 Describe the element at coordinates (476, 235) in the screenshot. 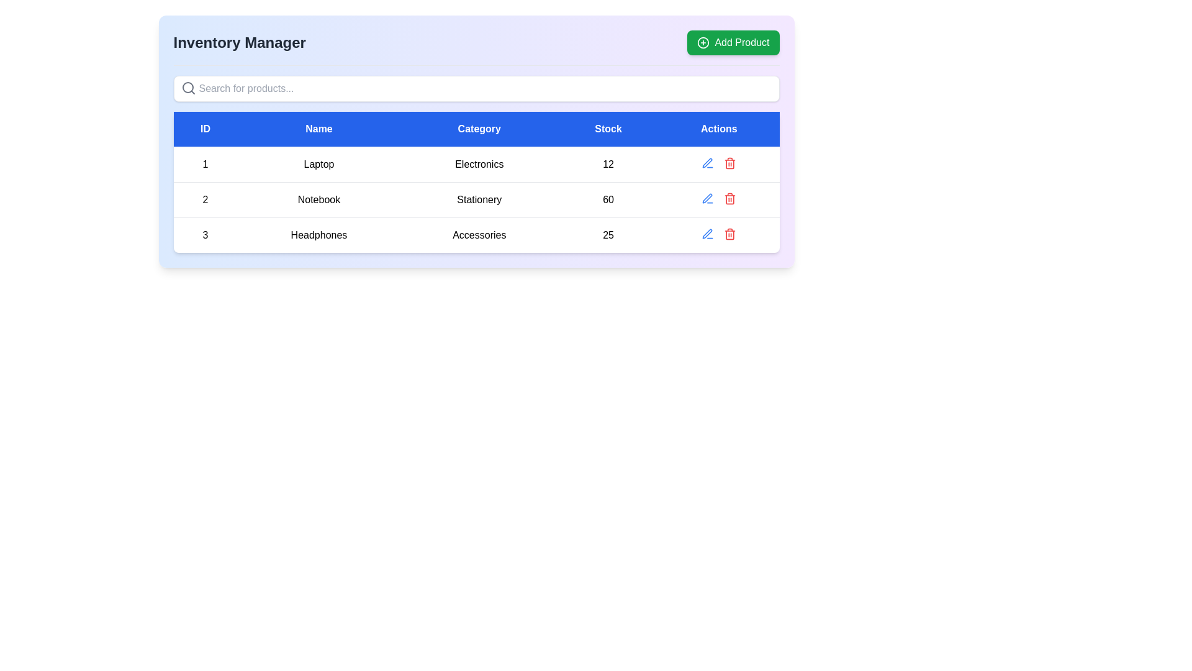

I see `the text label 'Accessories' located in the third row under the 'Category' column of the table` at that location.